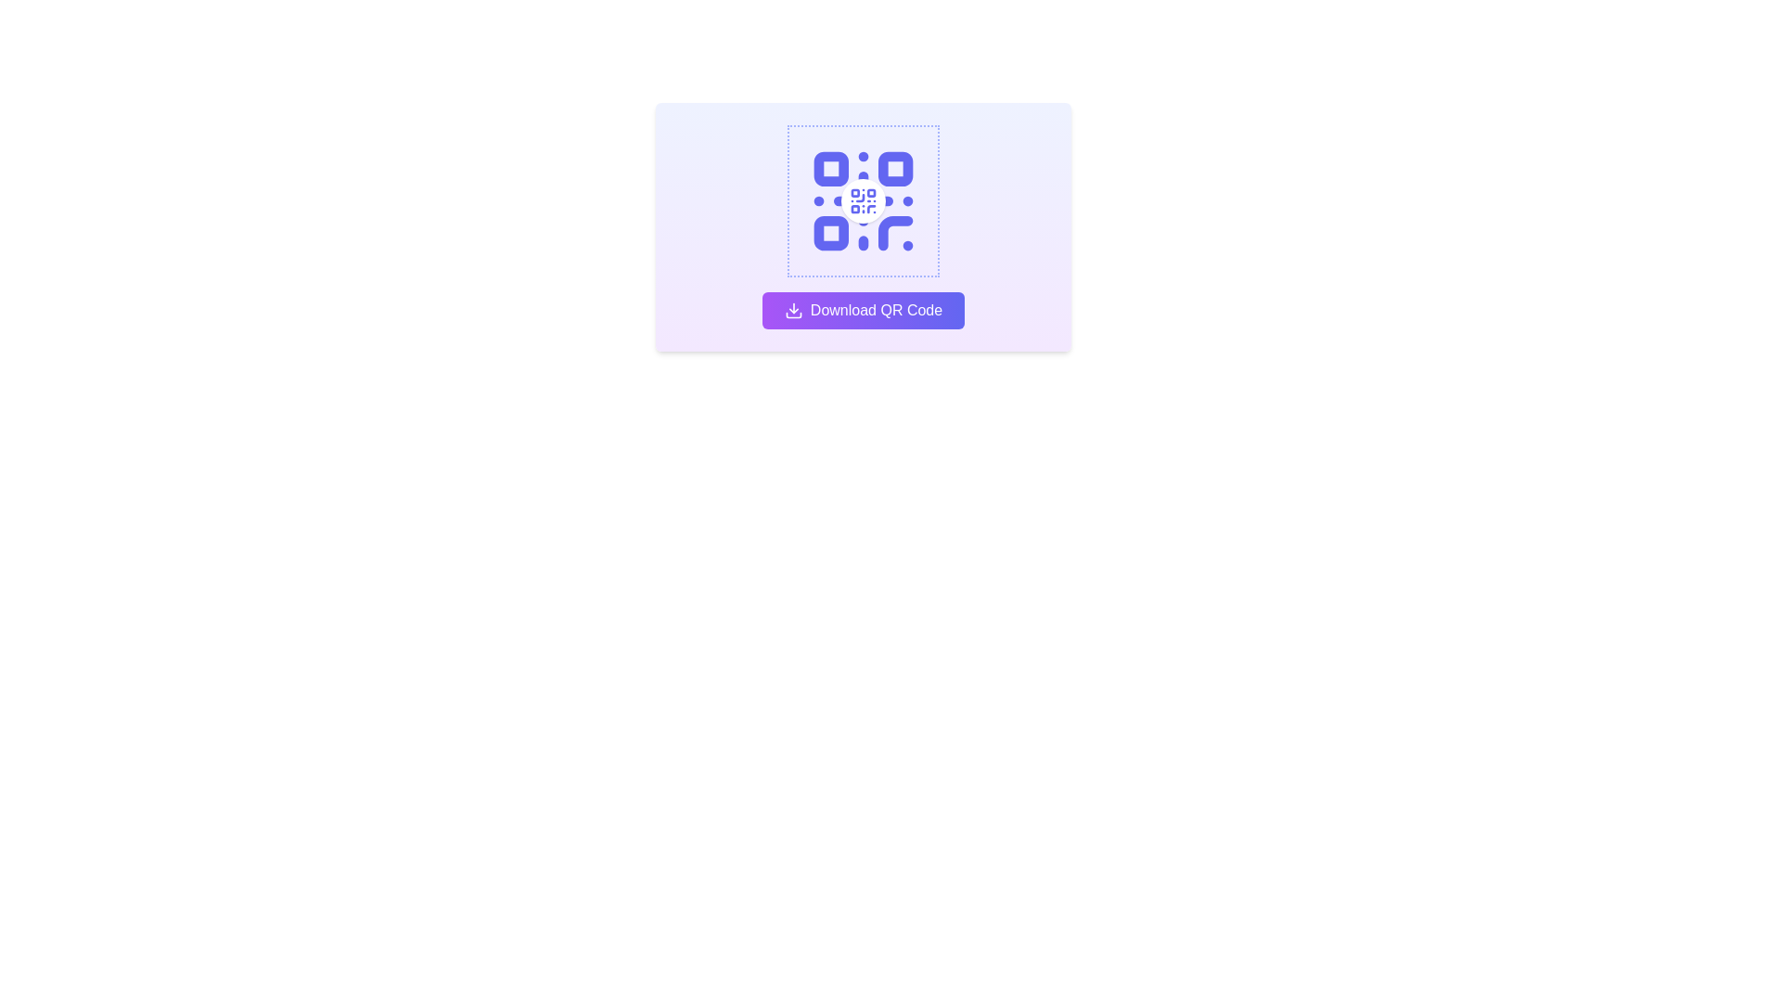  What do you see at coordinates (830, 169) in the screenshot?
I see `the small decorative square with rounded corners, styled in solid dark blue color, located at the upper-left corner of the QR code` at bounding box center [830, 169].